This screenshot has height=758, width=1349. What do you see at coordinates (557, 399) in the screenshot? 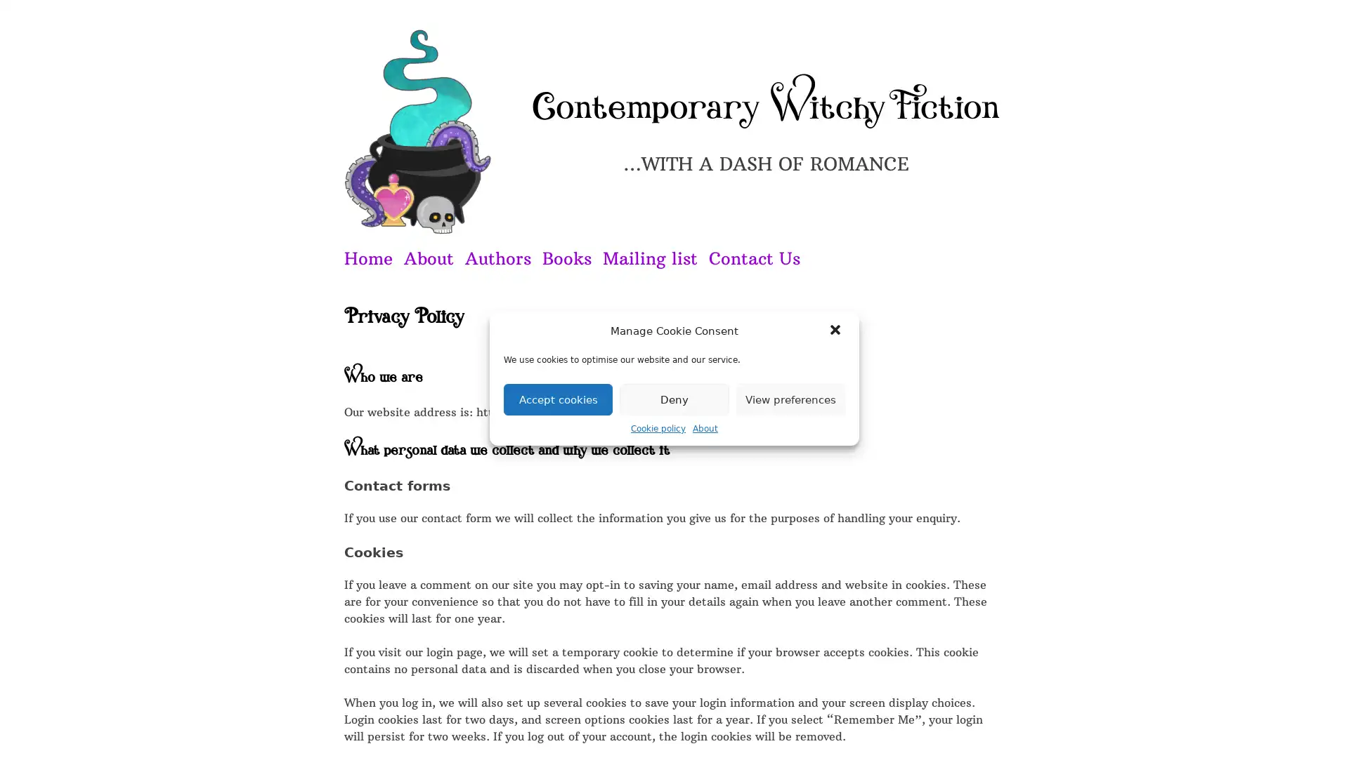
I see `Accept cookies` at bounding box center [557, 399].